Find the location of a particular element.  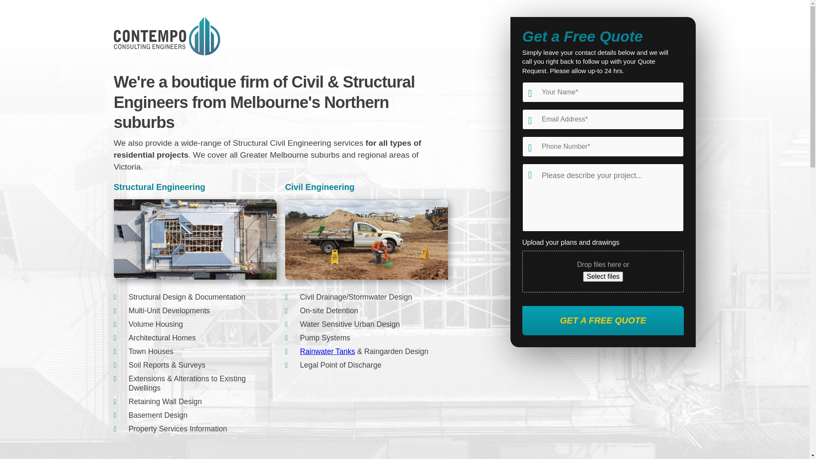

'Rainwater Tanks' is located at coordinates (327, 351).